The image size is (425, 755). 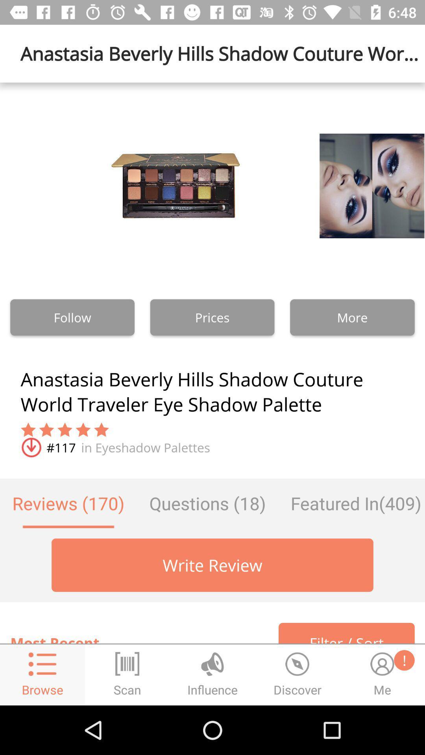 I want to click on the time icon, so click(x=297, y=674).